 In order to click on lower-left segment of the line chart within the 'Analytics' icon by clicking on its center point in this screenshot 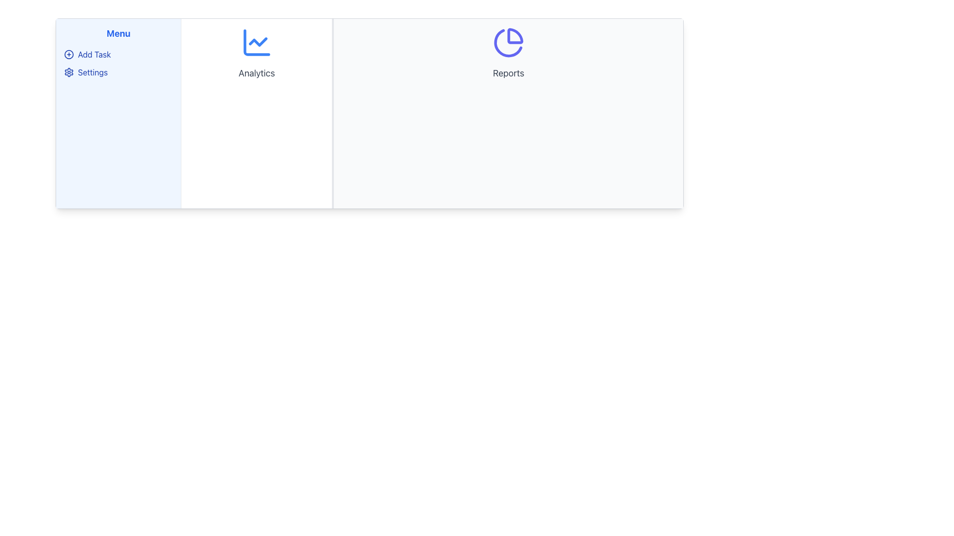, I will do `click(256, 42)`.